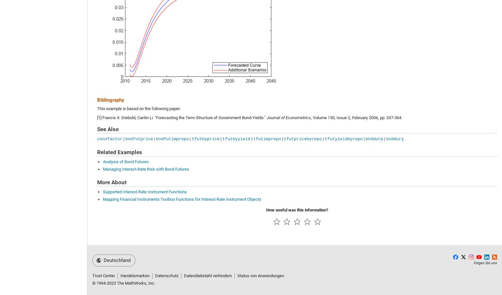  I want to click on 'tfutimprepo', so click(266, 139).